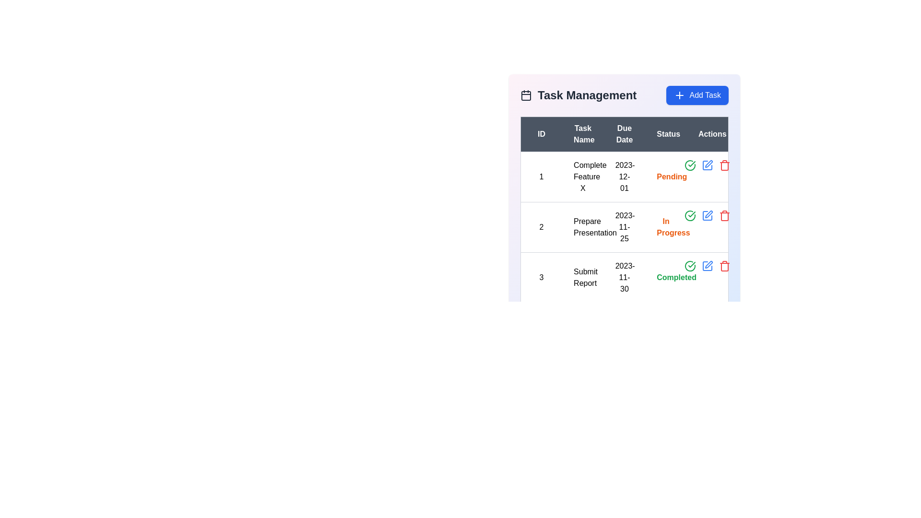 This screenshot has height=518, width=921. What do you see at coordinates (624, 227) in the screenshot?
I see `the second row of the task management table` at bounding box center [624, 227].